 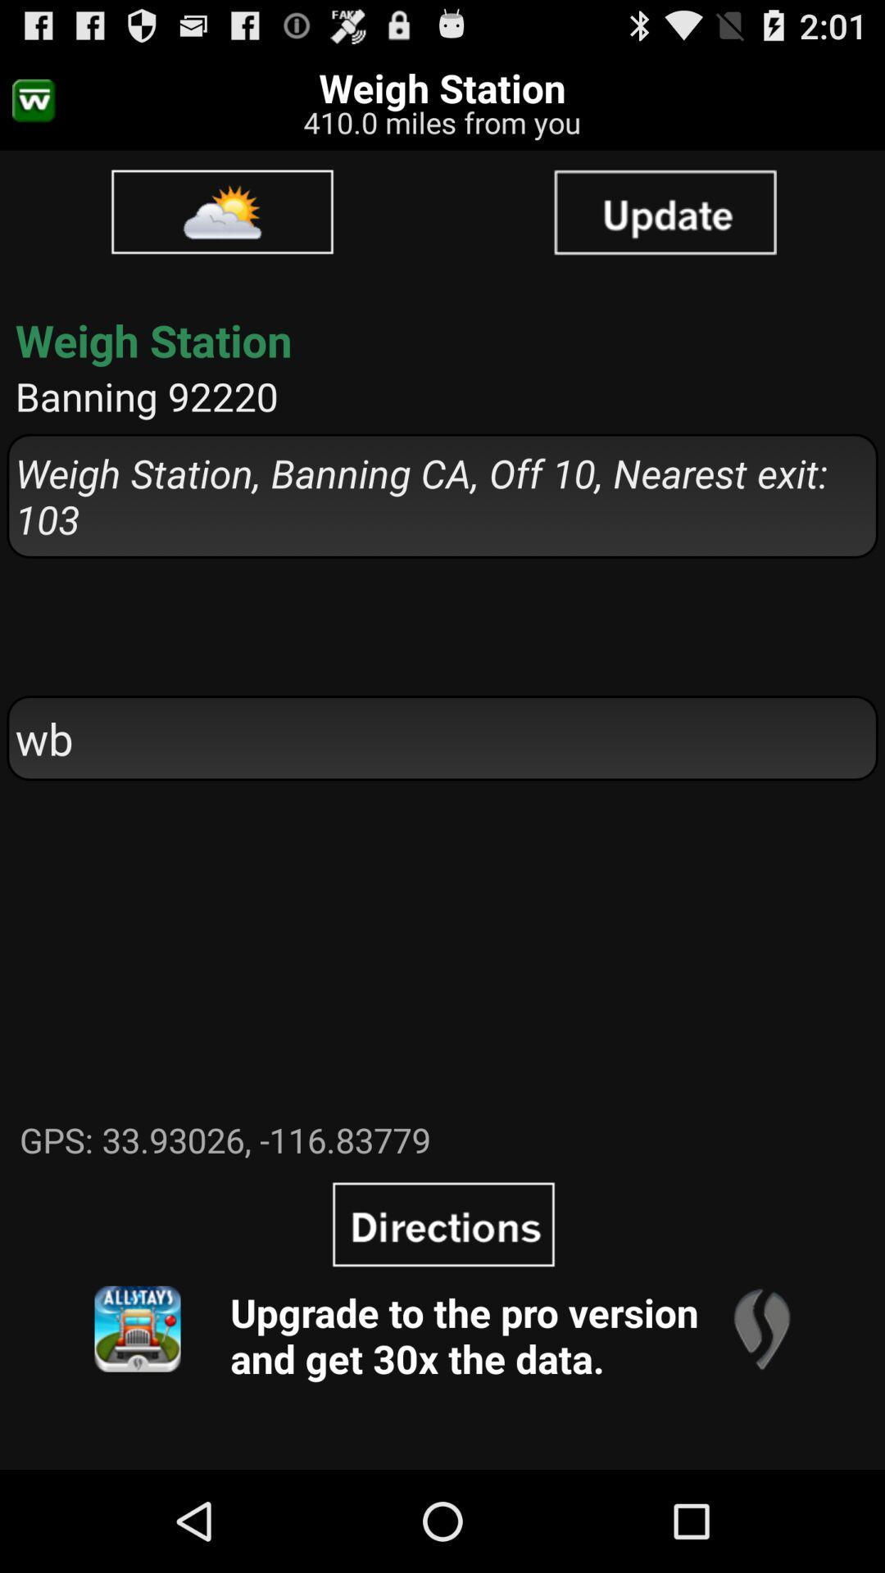 What do you see at coordinates (665, 211) in the screenshot?
I see `item below 410 0 miles app` at bounding box center [665, 211].